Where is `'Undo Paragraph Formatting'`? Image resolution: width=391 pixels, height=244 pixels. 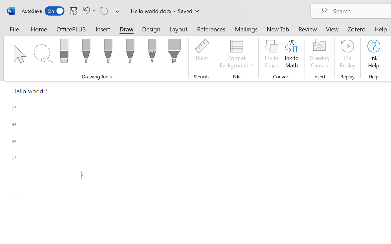 'Undo Paragraph Formatting' is located at coordinates (88, 10).